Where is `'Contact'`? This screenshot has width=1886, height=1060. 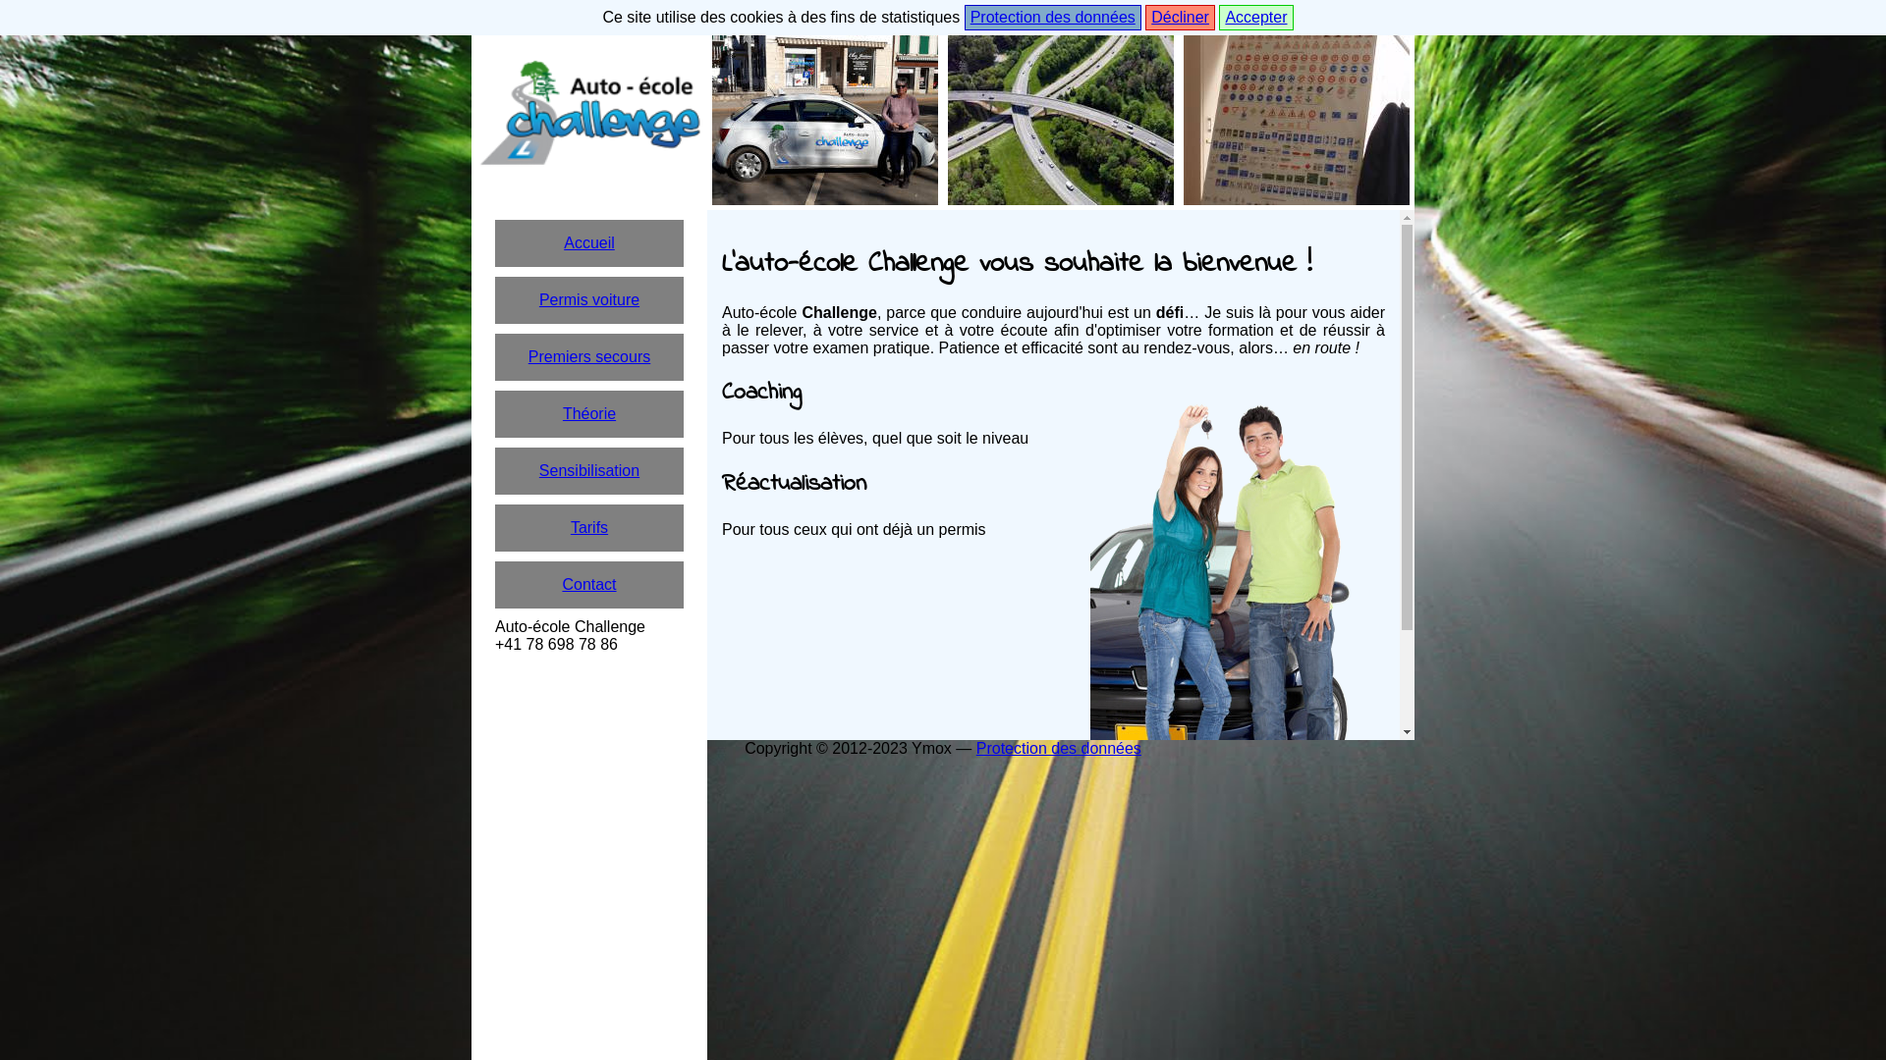
'Contact' is located at coordinates (588, 584).